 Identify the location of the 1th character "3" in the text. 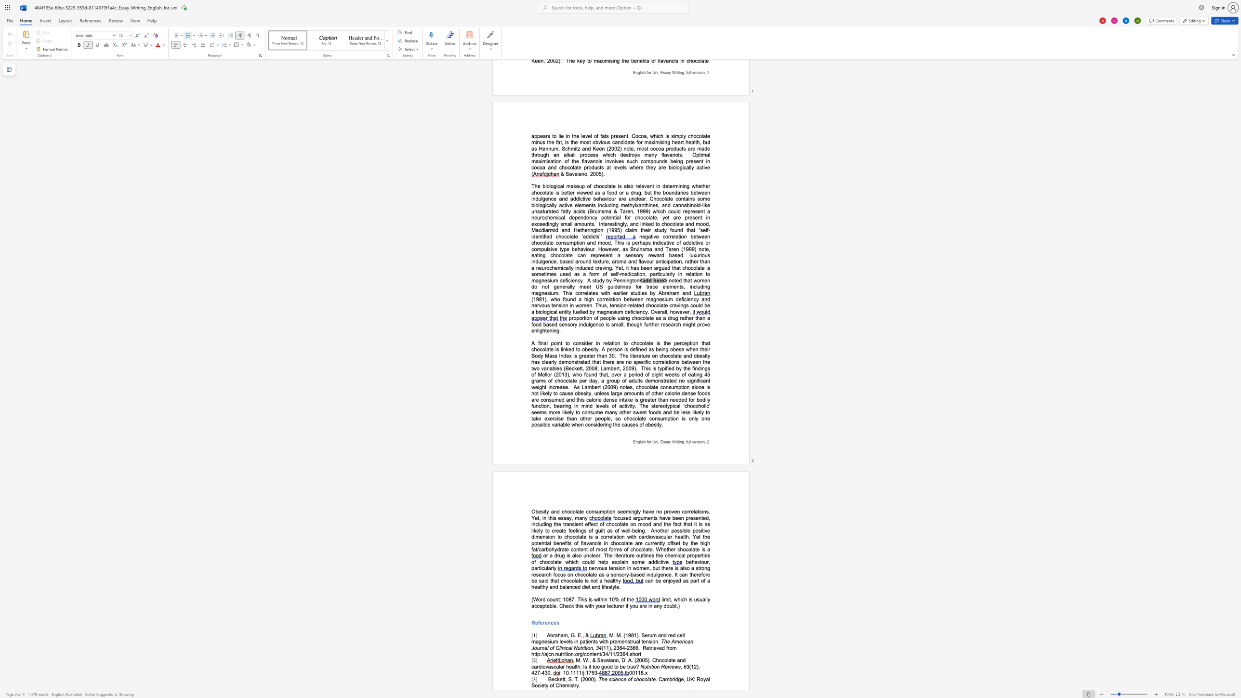
(617, 647).